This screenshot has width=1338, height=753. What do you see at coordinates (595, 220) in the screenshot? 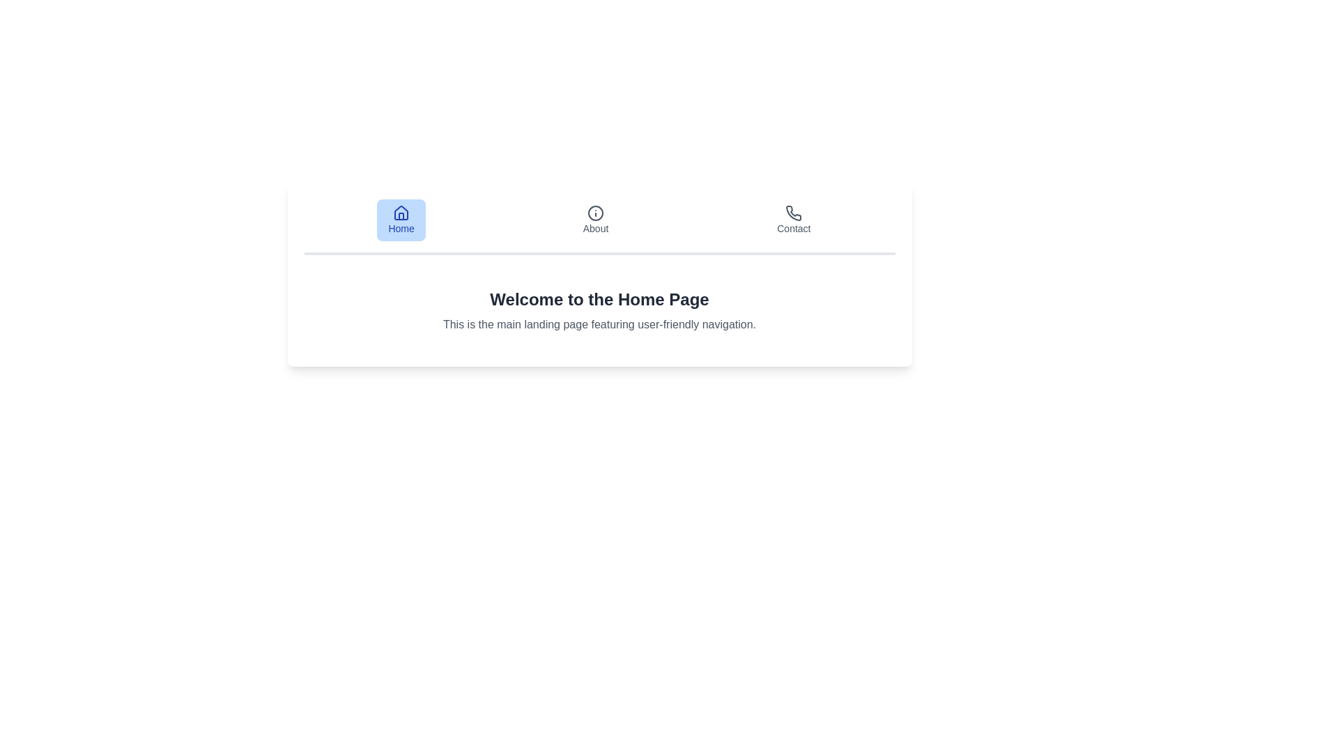
I see `the About tab to view its content` at bounding box center [595, 220].